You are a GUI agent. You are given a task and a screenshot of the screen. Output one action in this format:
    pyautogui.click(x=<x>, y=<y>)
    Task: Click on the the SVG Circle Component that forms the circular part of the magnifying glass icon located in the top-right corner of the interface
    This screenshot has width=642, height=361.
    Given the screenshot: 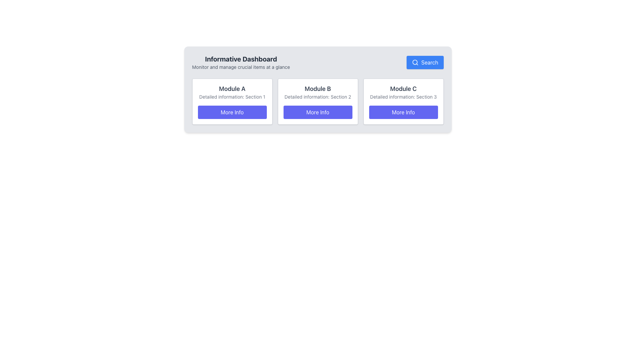 What is the action you would take?
    pyautogui.click(x=415, y=62)
    